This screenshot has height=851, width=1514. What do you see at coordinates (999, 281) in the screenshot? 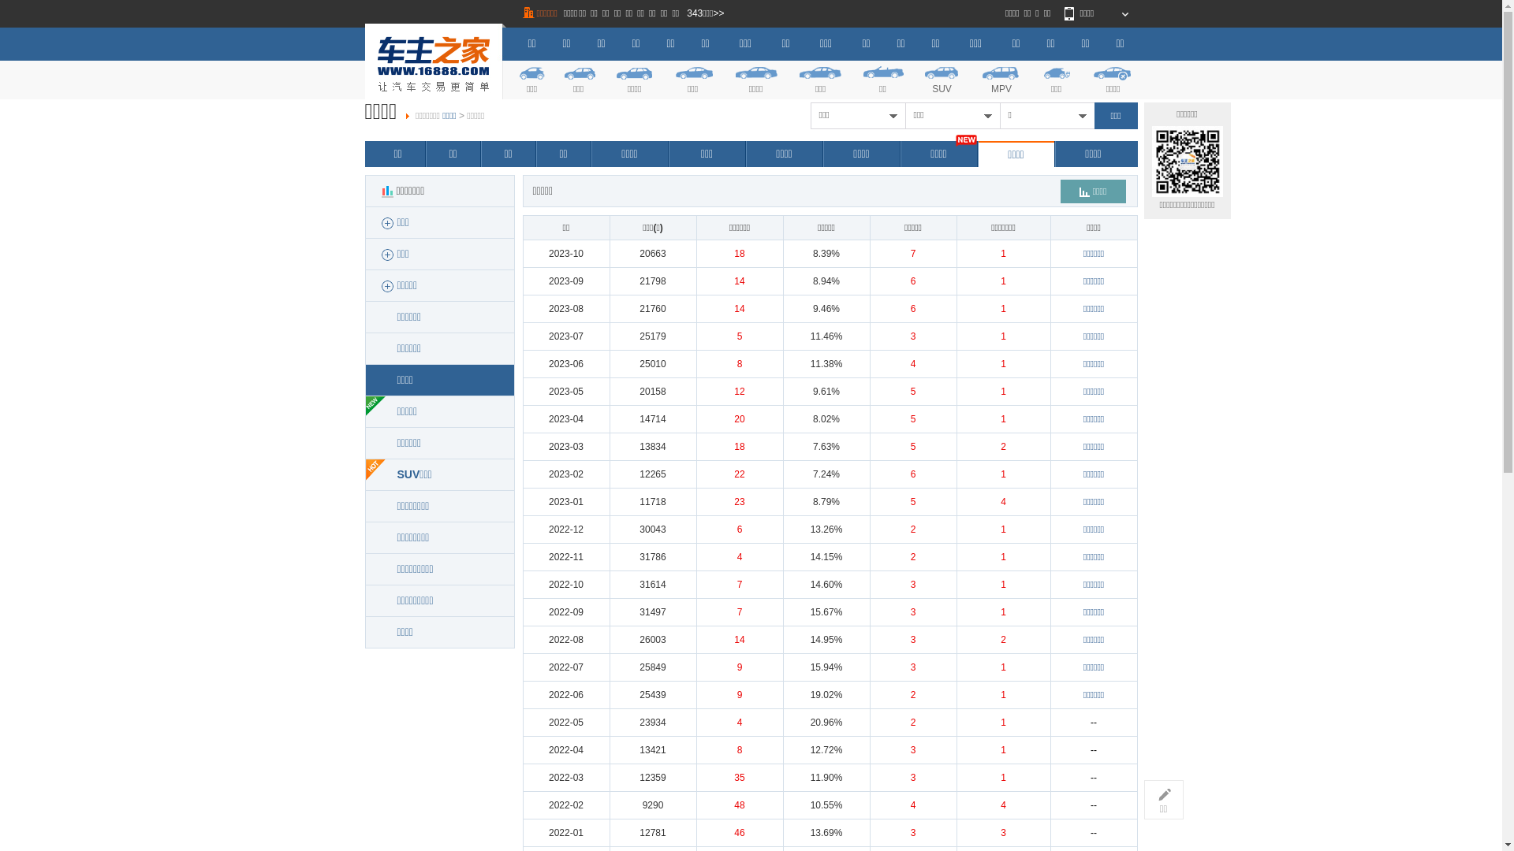
I see `'1'` at bounding box center [999, 281].